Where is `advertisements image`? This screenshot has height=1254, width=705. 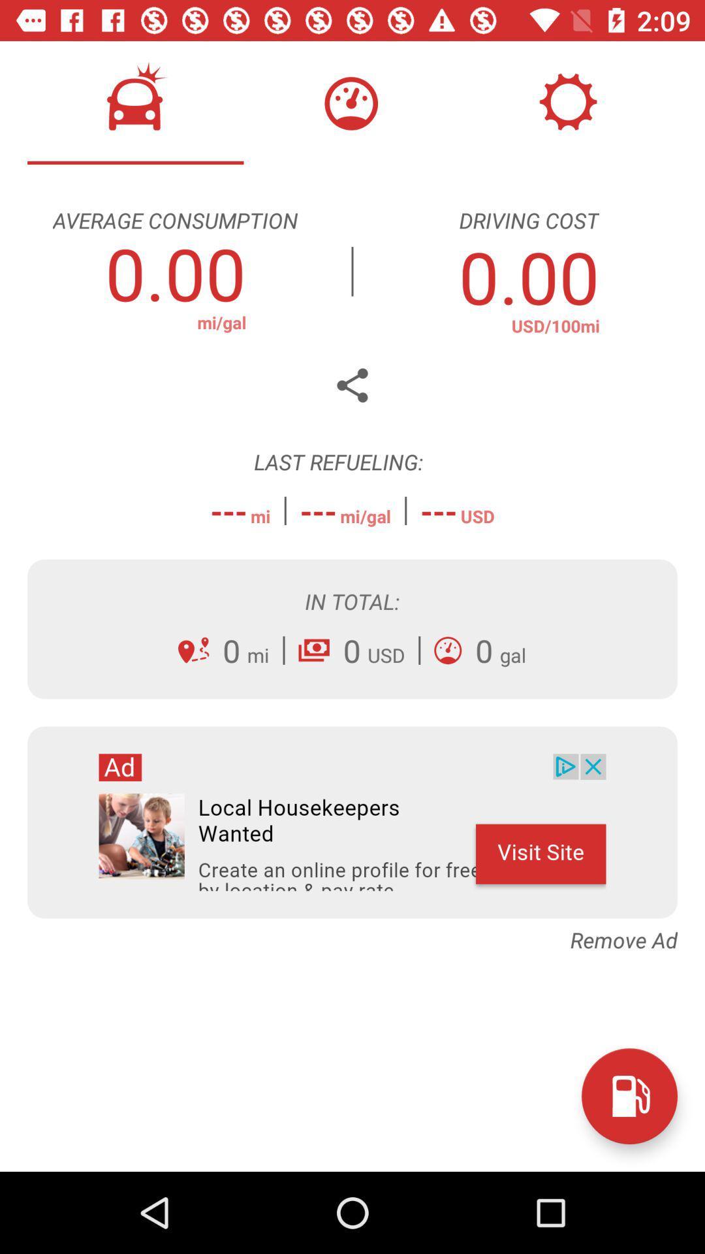 advertisements image is located at coordinates (352, 822).